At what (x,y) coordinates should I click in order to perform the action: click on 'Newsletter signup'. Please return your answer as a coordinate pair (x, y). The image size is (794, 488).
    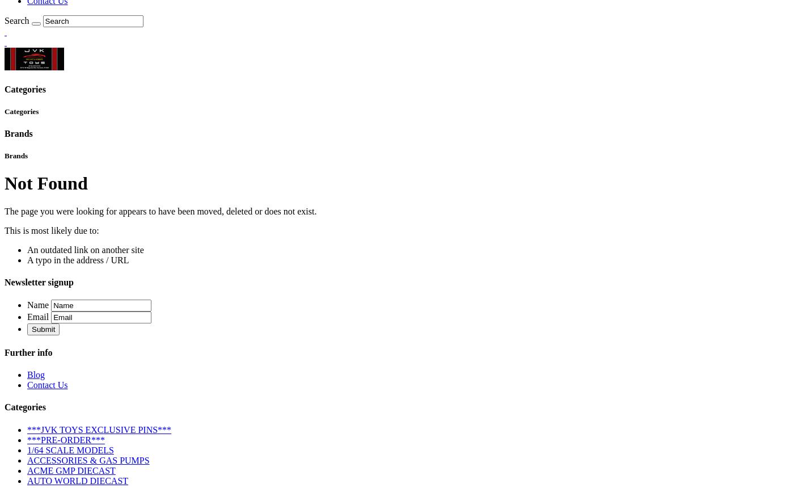
    Looking at the image, I should click on (39, 281).